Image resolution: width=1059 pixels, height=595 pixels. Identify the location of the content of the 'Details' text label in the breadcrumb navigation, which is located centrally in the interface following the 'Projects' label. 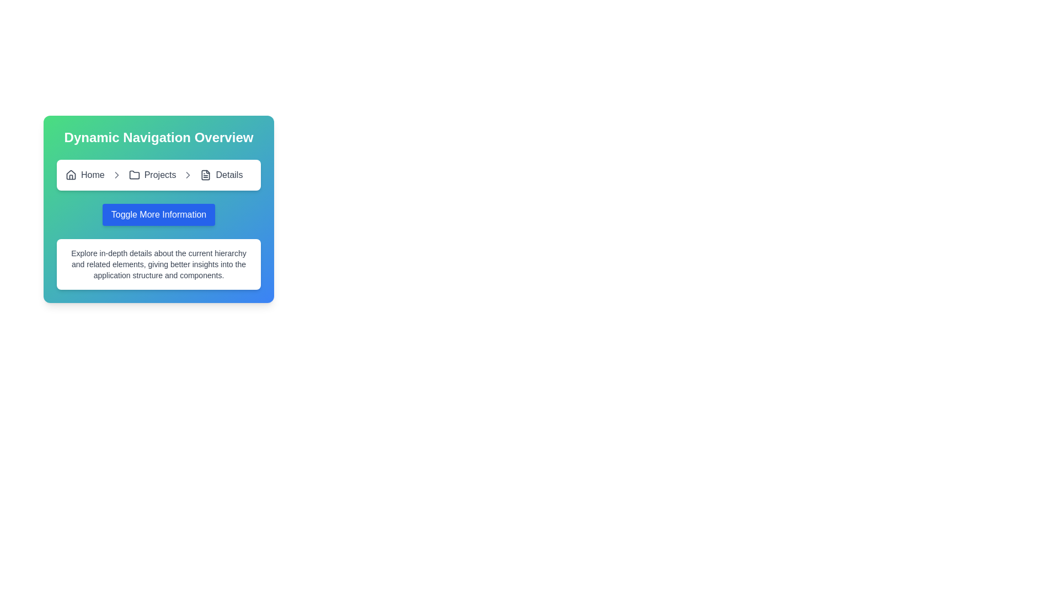
(228, 174).